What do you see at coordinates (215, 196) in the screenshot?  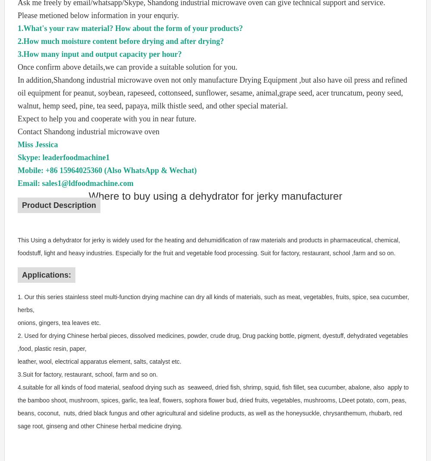 I see `'Where to buy using a dehydrator for jerky manufacturer'` at bounding box center [215, 196].